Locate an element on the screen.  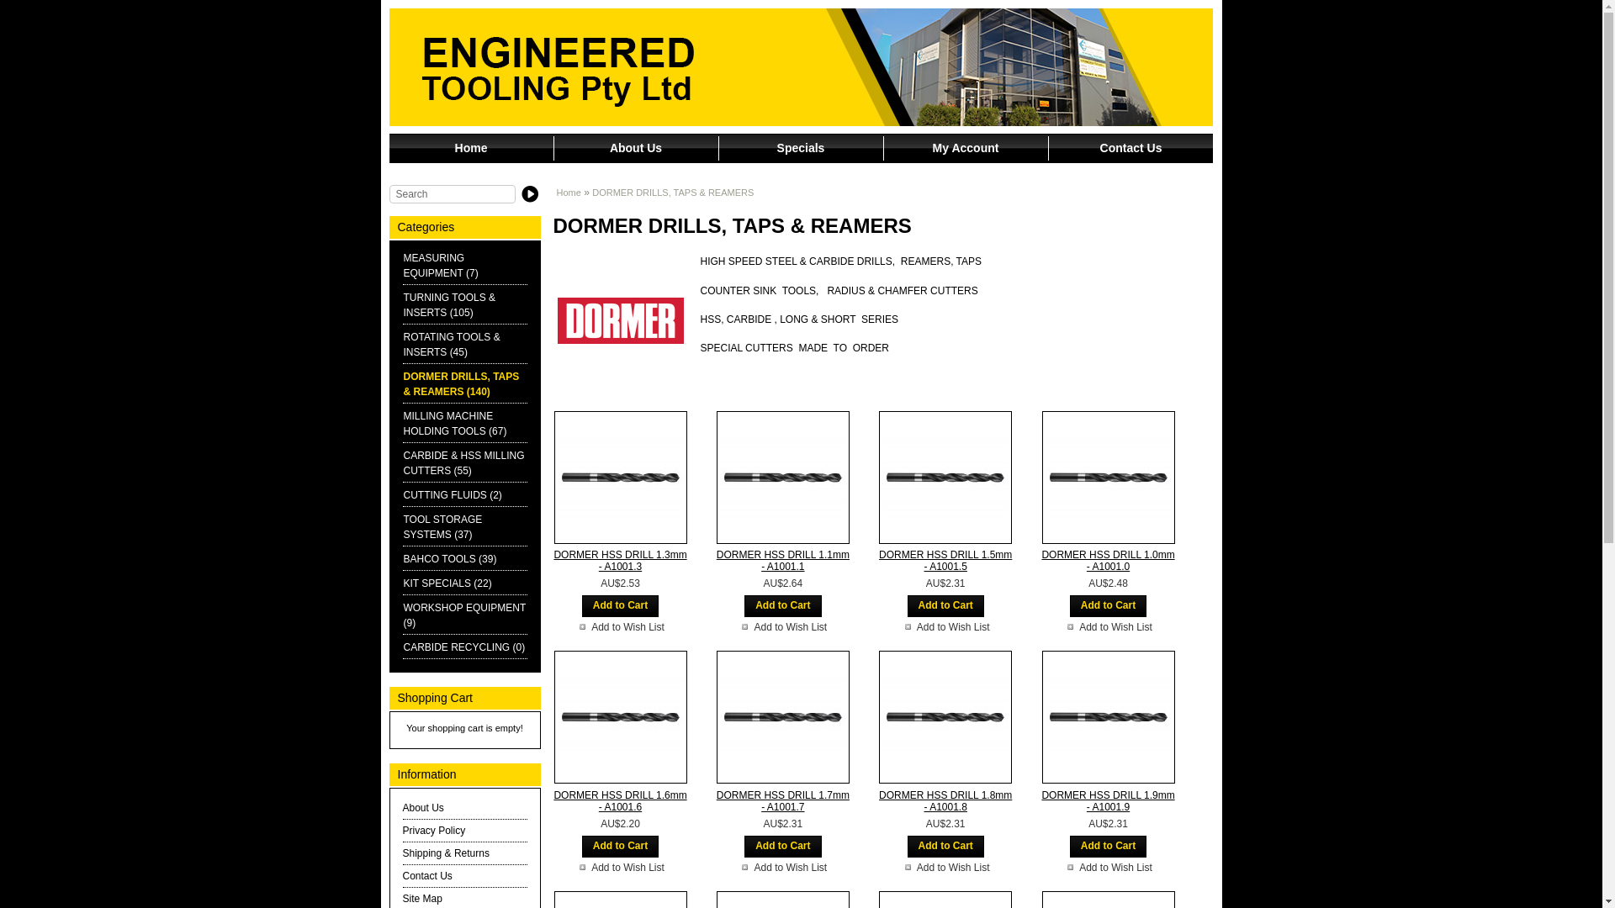
'Home' is located at coordinates (471, 147).